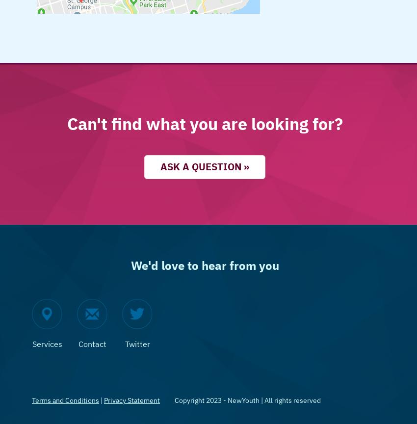 This screenshot has width=417, height=424. I want to click on 'Terms and Conditions', so click(65, 399).